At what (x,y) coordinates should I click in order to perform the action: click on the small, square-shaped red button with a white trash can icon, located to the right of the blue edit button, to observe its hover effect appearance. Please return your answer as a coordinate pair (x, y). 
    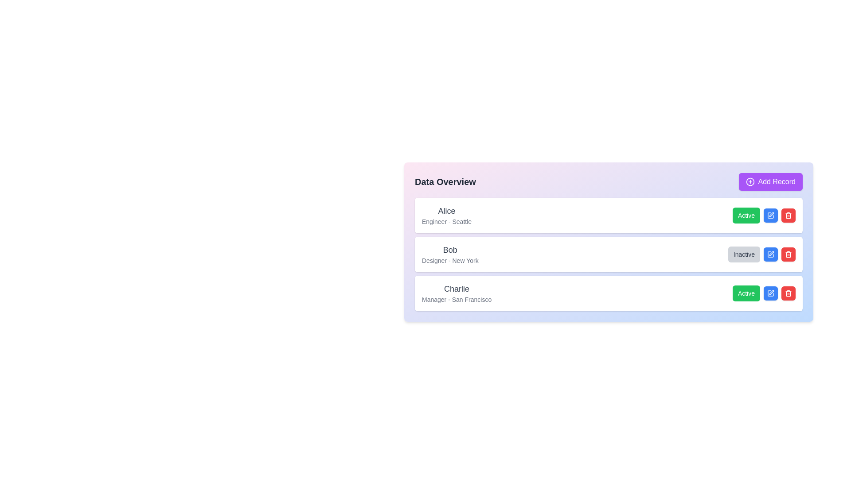
    Looking at the image, I should click on (789, 293).